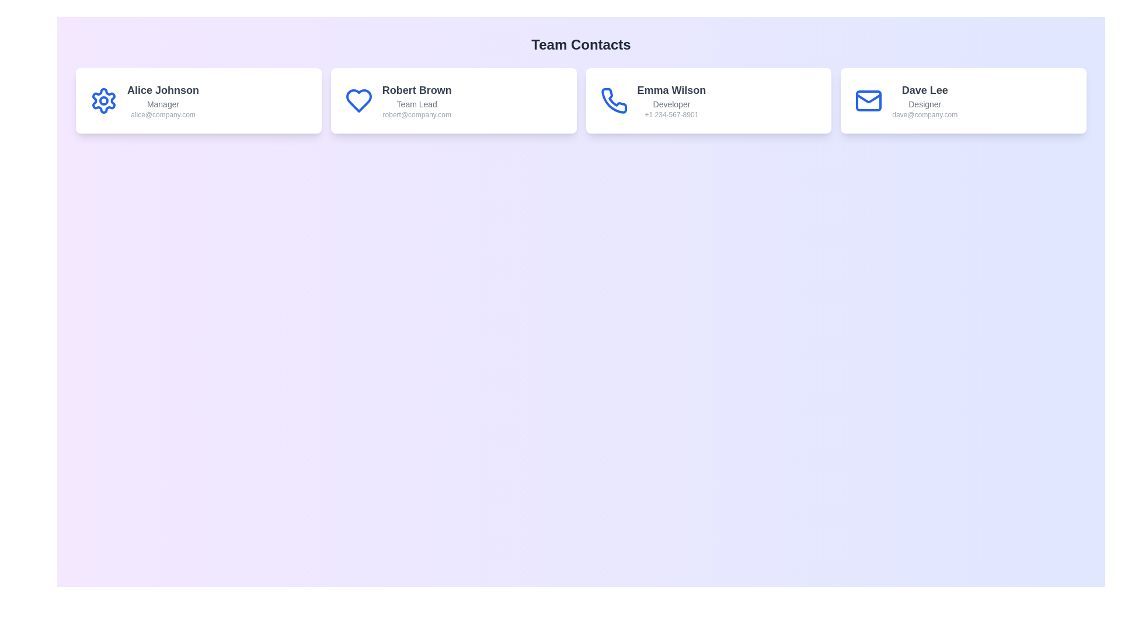 This screenshot has width=1121, height=630. I want to click on the profile card for 'Robert Brown', which is the second card in the 'Team Contacts' section, so click(453, 100).